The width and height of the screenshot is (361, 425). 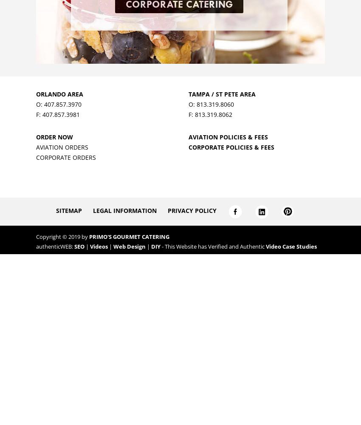 I want to click on 'authenticWEB:', so click(x=55, y=246).